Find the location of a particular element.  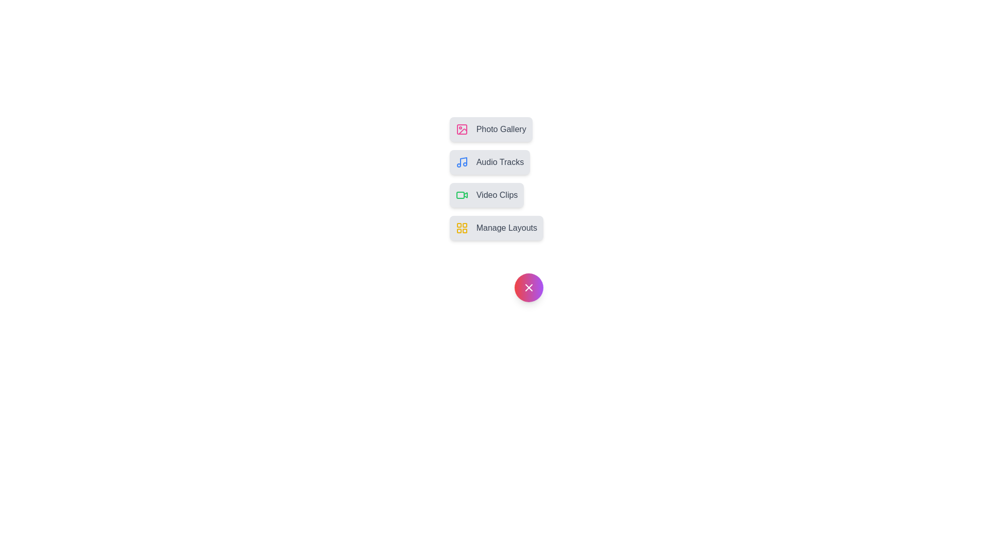

the 'Manage Layouts' button located at the bottom of a vertical list of four buttons, which includes 'Photo Gallery,' 'Audio Tracks,' and 'Video Clips.' is located at coordinates (496, 227).